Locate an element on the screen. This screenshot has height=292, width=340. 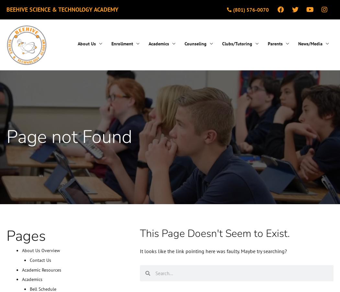
'This Page Doesn't Seem to Exist.' is located at coordinates (214, 233).